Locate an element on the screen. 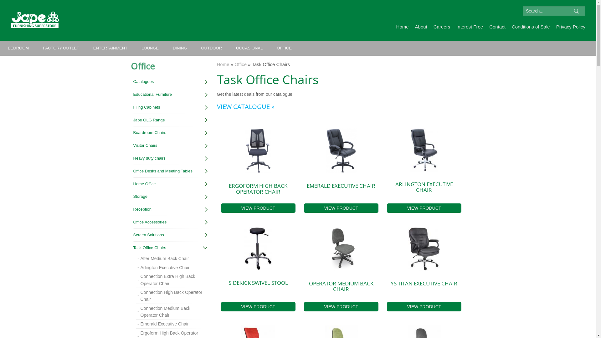 This screenshot has width=601, height=338. 'Heavy duty chairs' is located at coordinates (170, 158).